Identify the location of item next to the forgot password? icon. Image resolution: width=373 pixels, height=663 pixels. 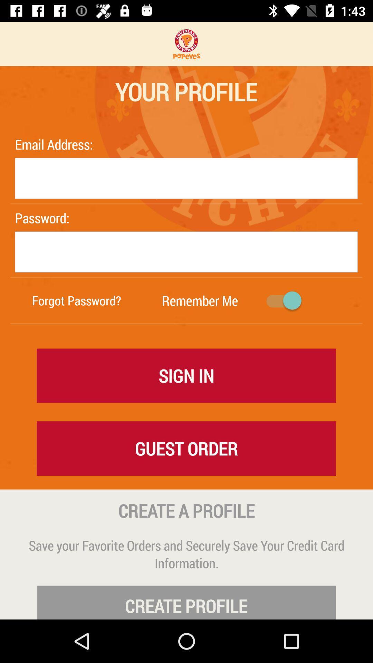
(200, 300).